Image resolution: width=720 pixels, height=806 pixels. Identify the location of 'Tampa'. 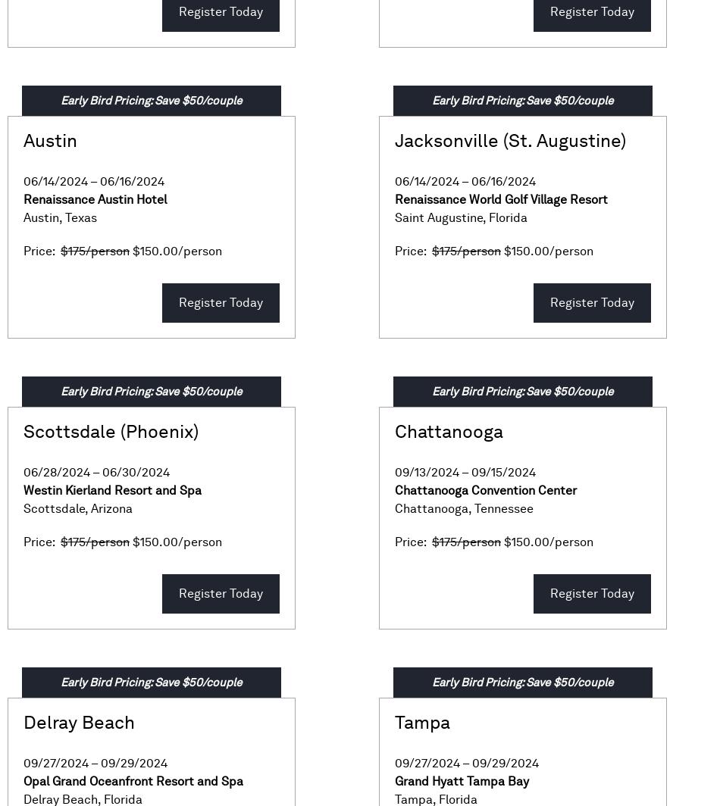
(422, 722).